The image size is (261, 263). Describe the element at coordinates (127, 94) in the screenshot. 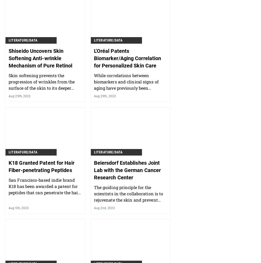

I see `'While correlations between biomarkers and clinical signs of aging have previously been described, this approach takes it a step further — to generate personalized skin care recommendations.'` at that location.